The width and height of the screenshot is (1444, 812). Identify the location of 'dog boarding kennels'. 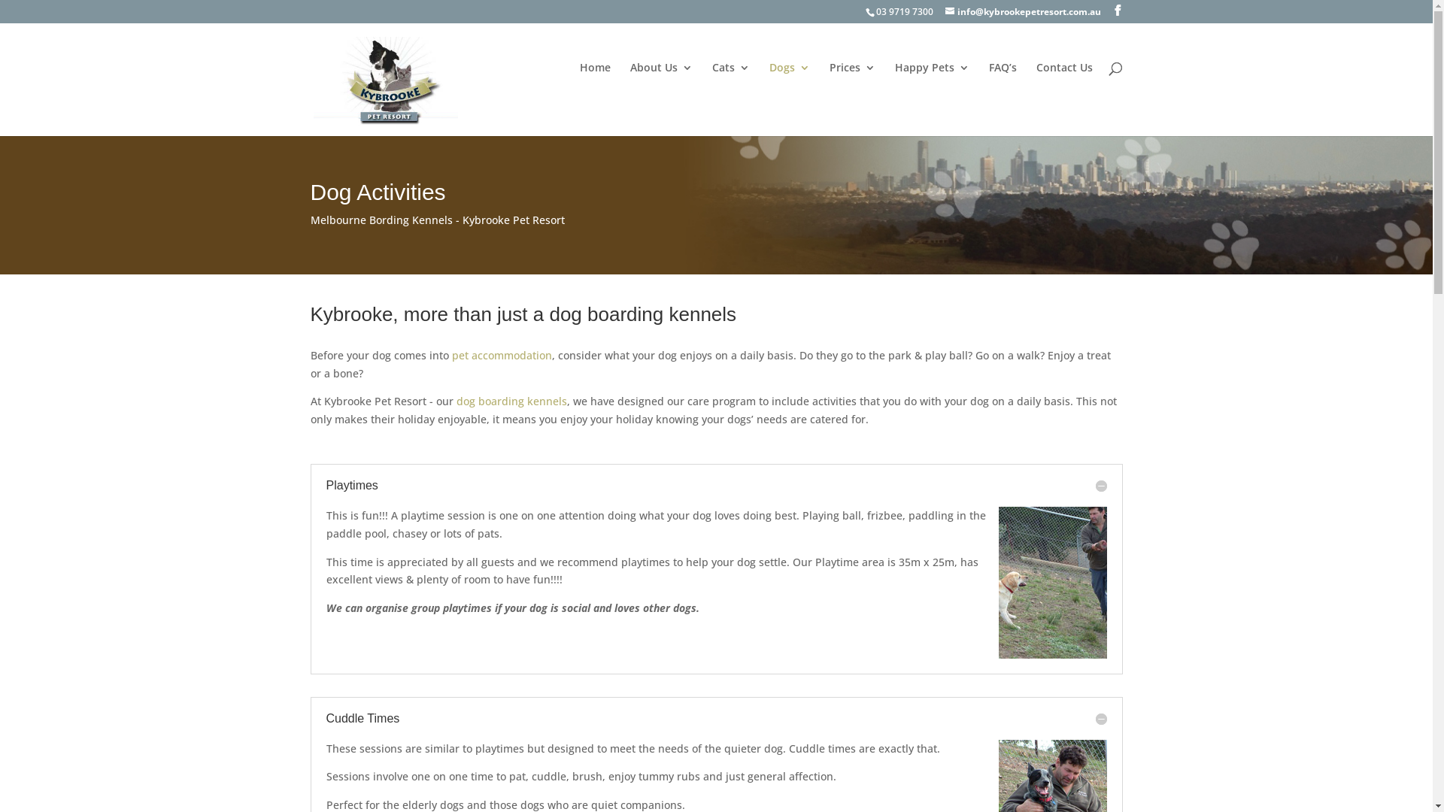
(511, 400).